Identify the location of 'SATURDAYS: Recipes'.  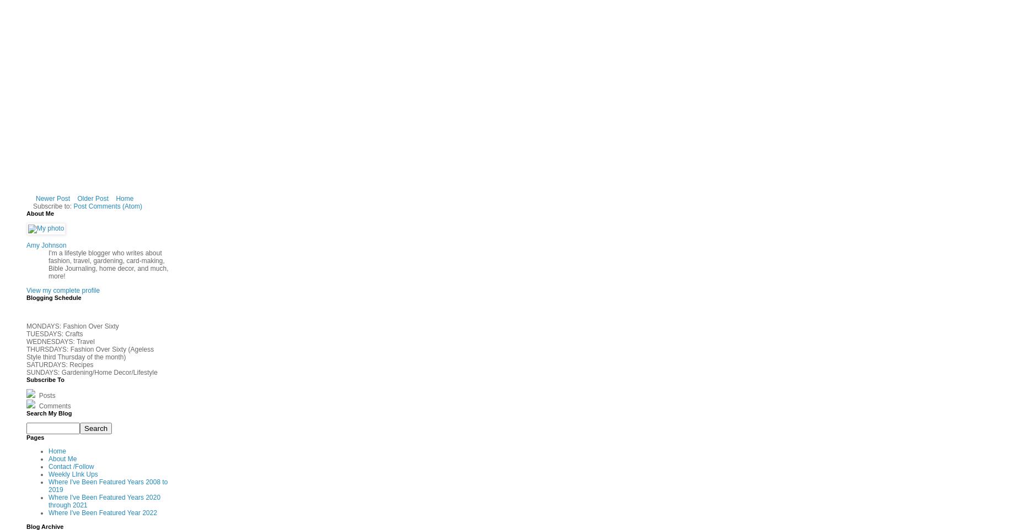
(60, 365).